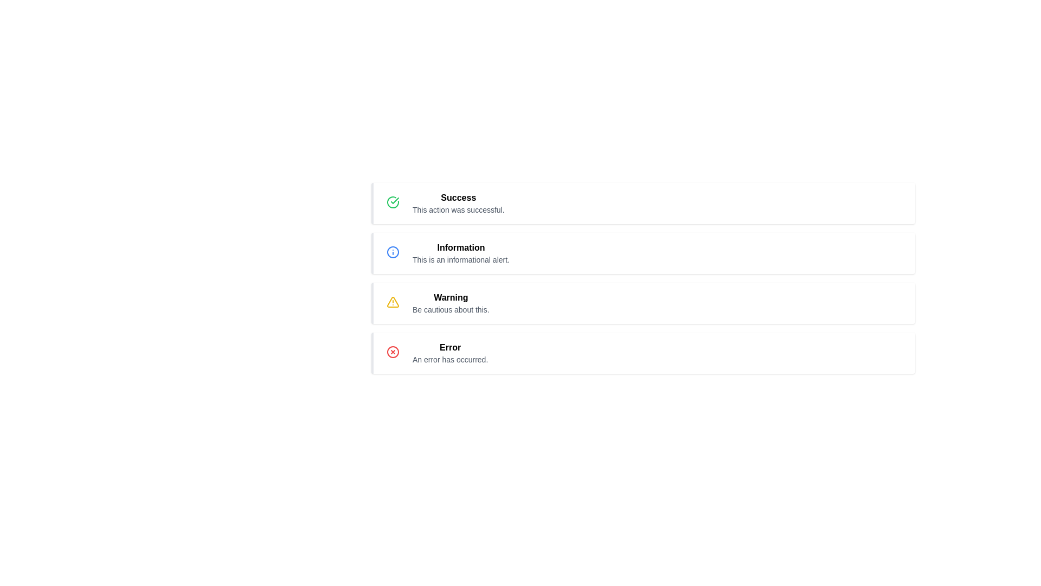 The width and height of the screenshot is (1041, 586). Describe the element at coordinates (392, 202) in the screenshot. I see `the circular check icon filled with light green color, which symbolizes success and is located leftmost in the first row of alert items, preceding the 'Success' text` at that location.